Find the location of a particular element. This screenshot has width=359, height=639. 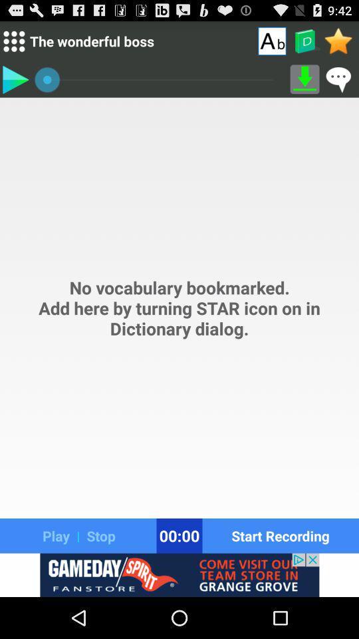

the book icon is located at coordinates (304, 44).